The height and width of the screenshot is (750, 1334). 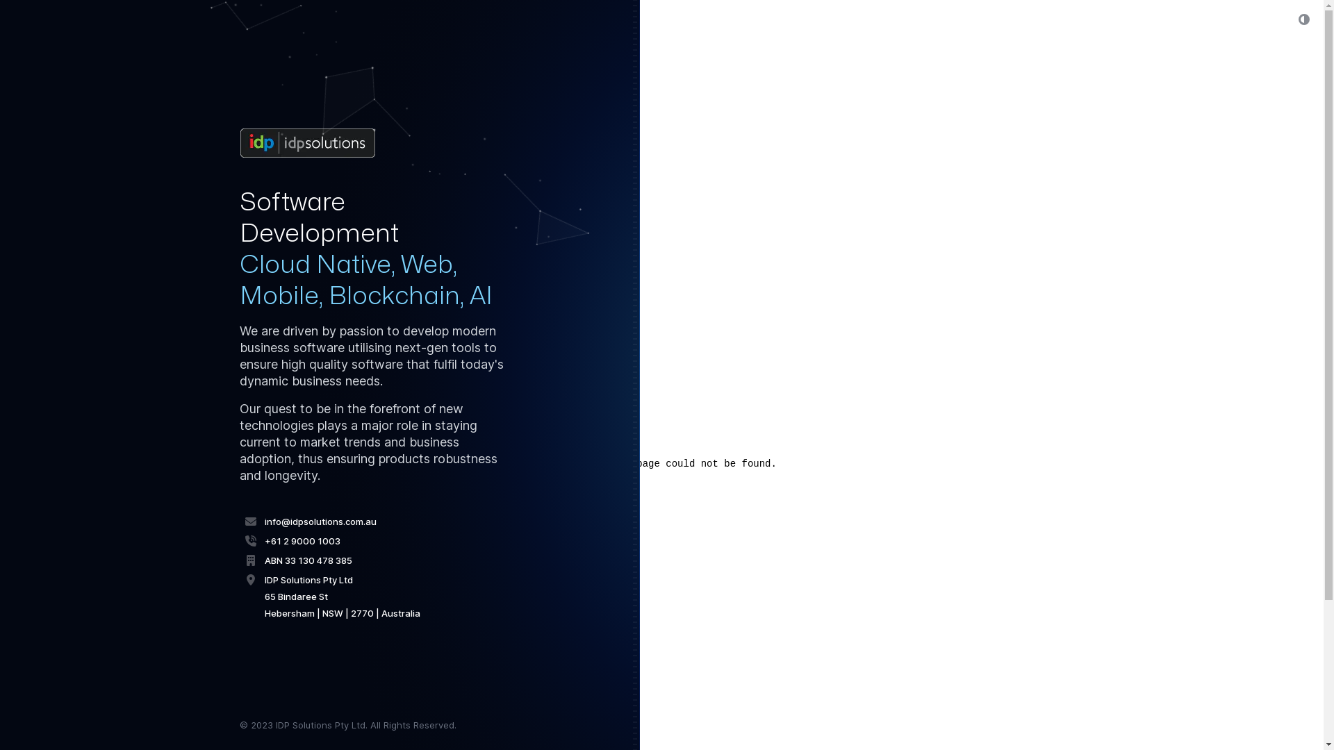 What do you see at coordinates (1303, 19) in the screenshot?
I see `'Switch to dark theme'` at bounding box center [1303, 19].